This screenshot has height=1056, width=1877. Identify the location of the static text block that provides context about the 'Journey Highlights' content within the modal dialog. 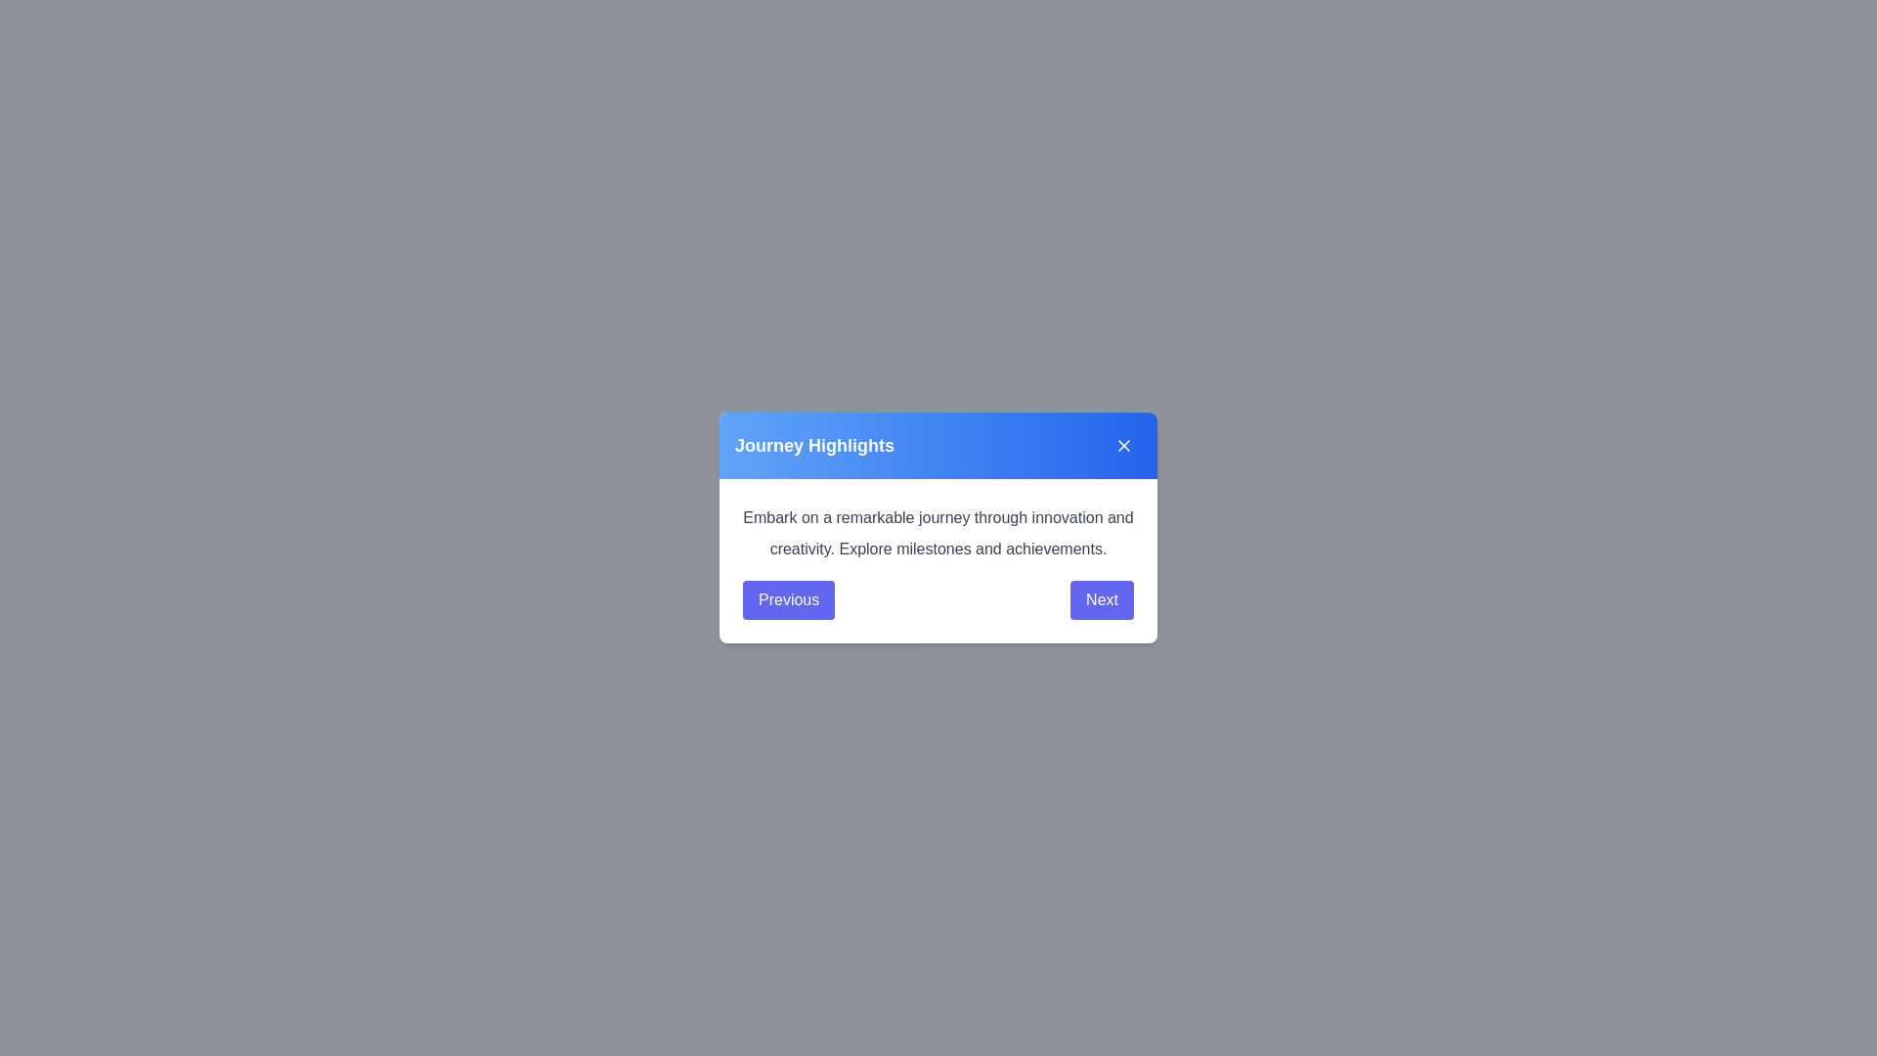
(938, 561).